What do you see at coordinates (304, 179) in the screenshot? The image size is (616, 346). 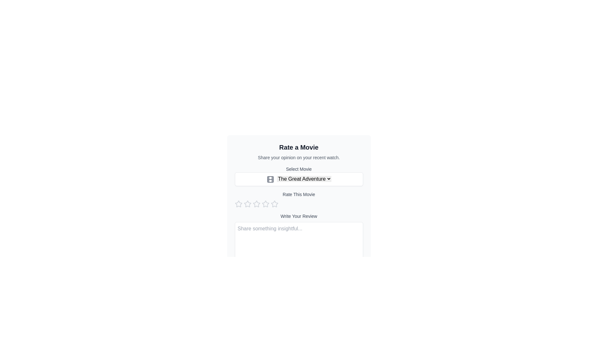 I see `the dropdown menu located centrally in the interface, which allows users` at bounding box center [304, 179].